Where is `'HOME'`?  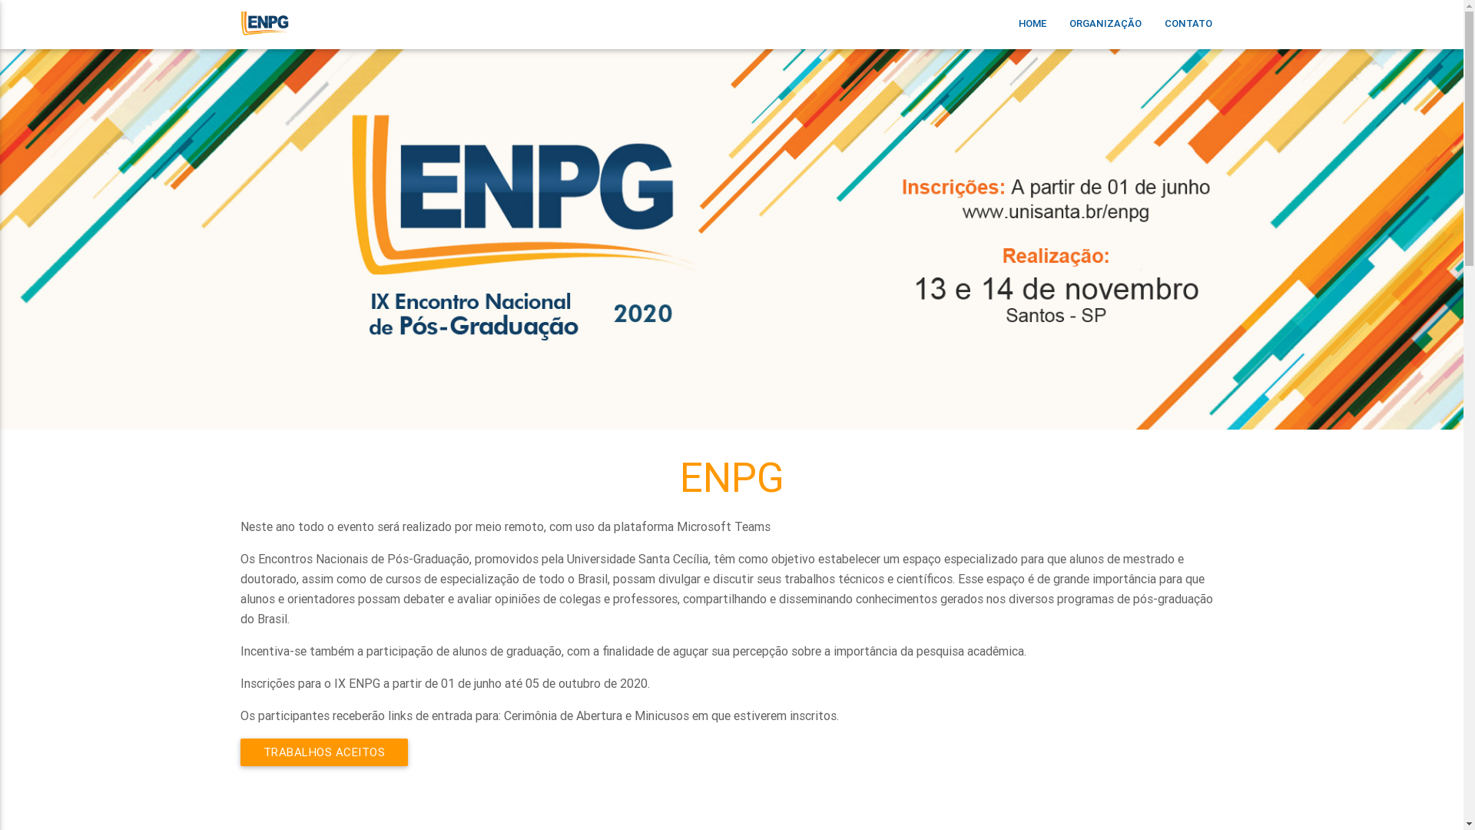 'HOME' is located at coordinates (1032, 38).